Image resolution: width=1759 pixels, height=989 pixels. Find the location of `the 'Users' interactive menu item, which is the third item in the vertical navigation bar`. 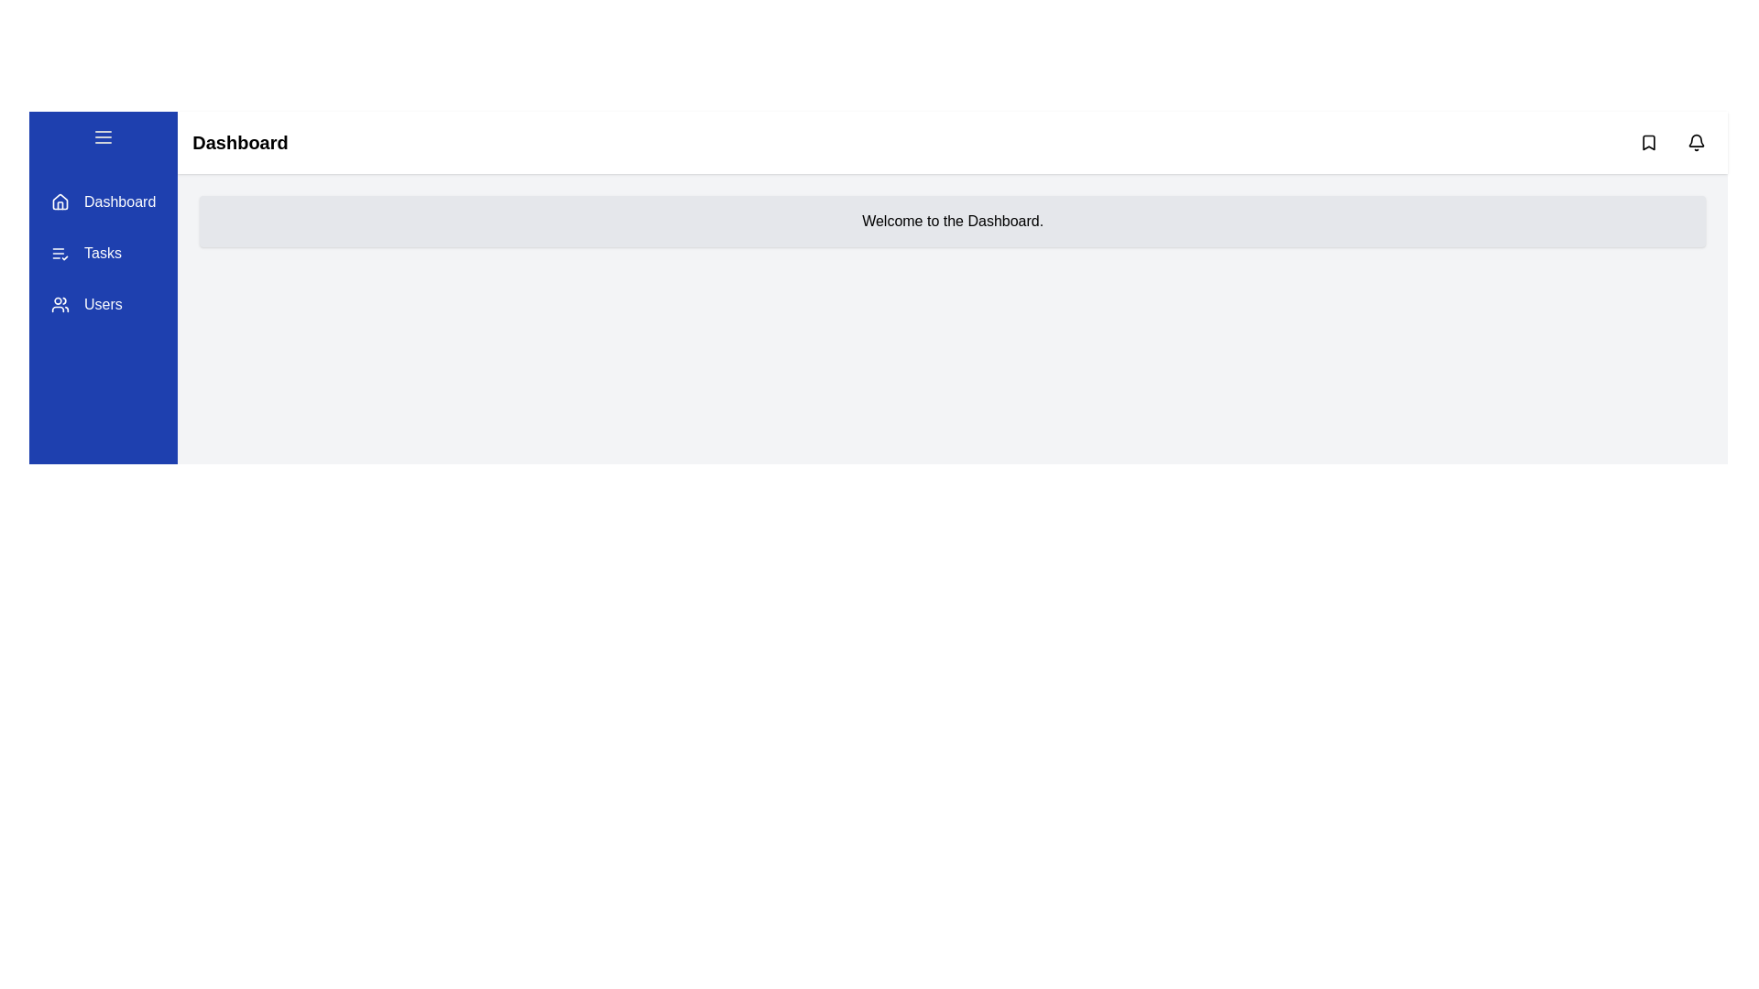

the 'Users' interactive menu item, which is the third item in the vertical navigation bar is located at coordinates (85, 303).